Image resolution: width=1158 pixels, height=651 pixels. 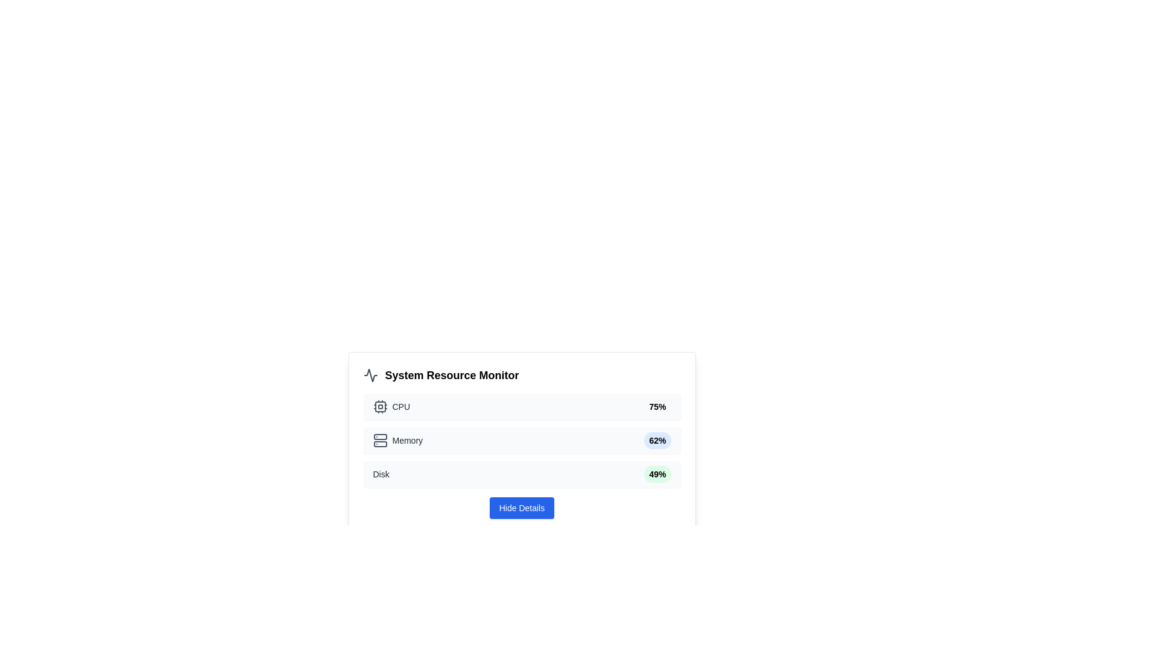 I want to click on the 'Hide Details' button with a bright blue background and white text, located at the bottom of the 'System Resource Monitor' group, so click(x=522, y=508).